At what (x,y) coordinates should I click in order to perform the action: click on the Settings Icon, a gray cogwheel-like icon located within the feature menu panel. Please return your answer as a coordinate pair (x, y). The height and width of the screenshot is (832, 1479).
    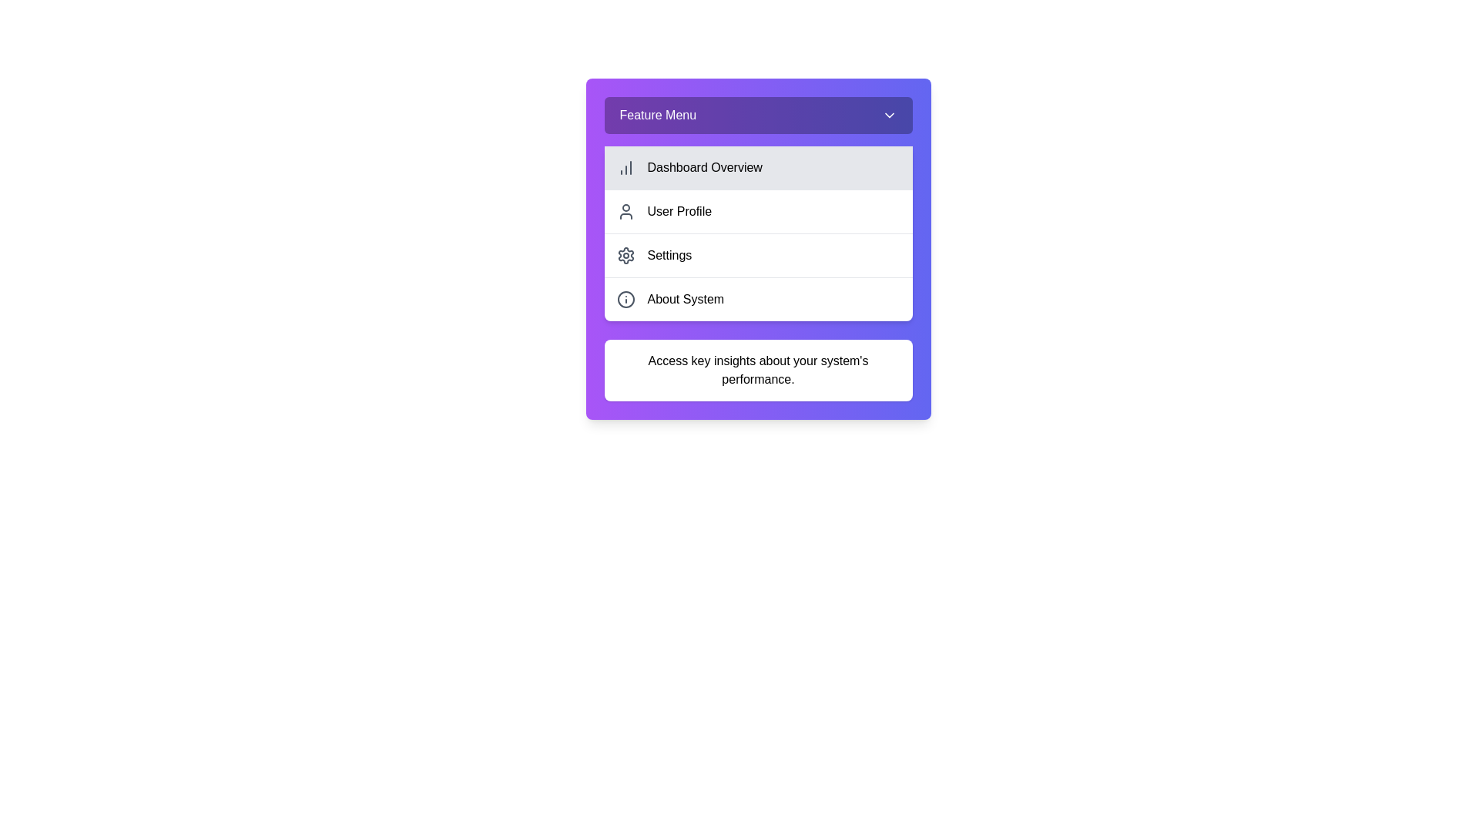
    Looking at the image, I should click on (625, 254).